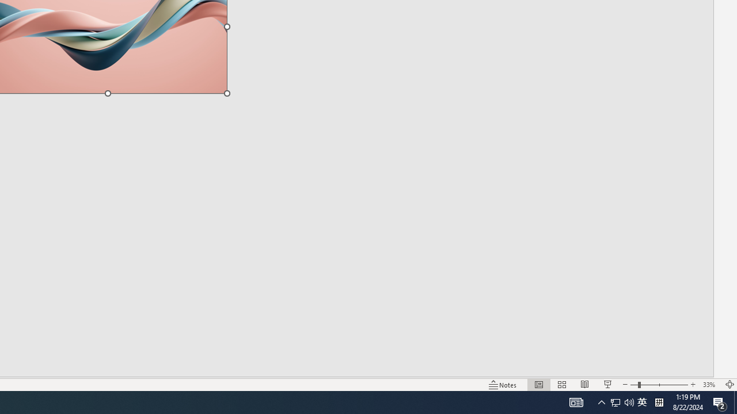 This screenshot has width=737, height=414. What do you see at coordinates (710, 385) in the screenshot?
I see `'Zoom 33%'` at bounding box center [710, 385].